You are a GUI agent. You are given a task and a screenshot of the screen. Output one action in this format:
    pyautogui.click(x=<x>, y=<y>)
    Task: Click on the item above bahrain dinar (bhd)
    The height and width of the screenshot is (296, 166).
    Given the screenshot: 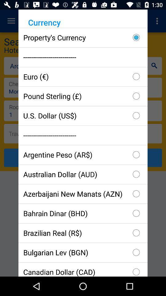 What is the action you would take?
    pyautogui.click(x=83, y=193)
    